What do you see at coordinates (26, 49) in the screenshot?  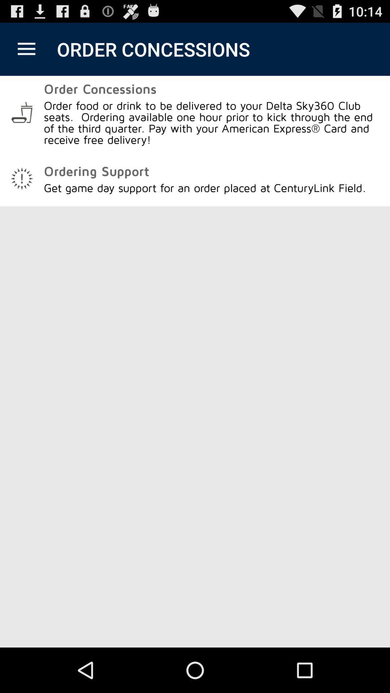 I see `the item next to order concessions app` at bounding box center [26, 49].